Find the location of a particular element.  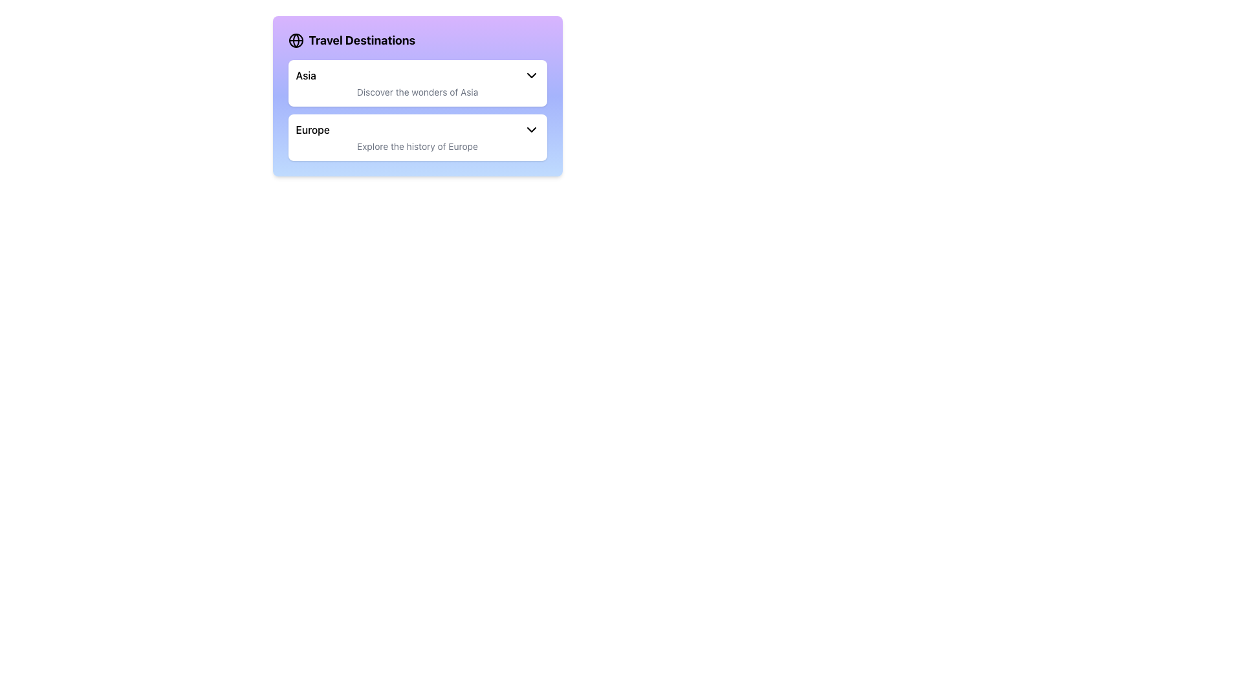

the text label displaying 'Asia' in bold black font within the 'Travel Destinations' dropdown menu is located at coordinates (305, 75).